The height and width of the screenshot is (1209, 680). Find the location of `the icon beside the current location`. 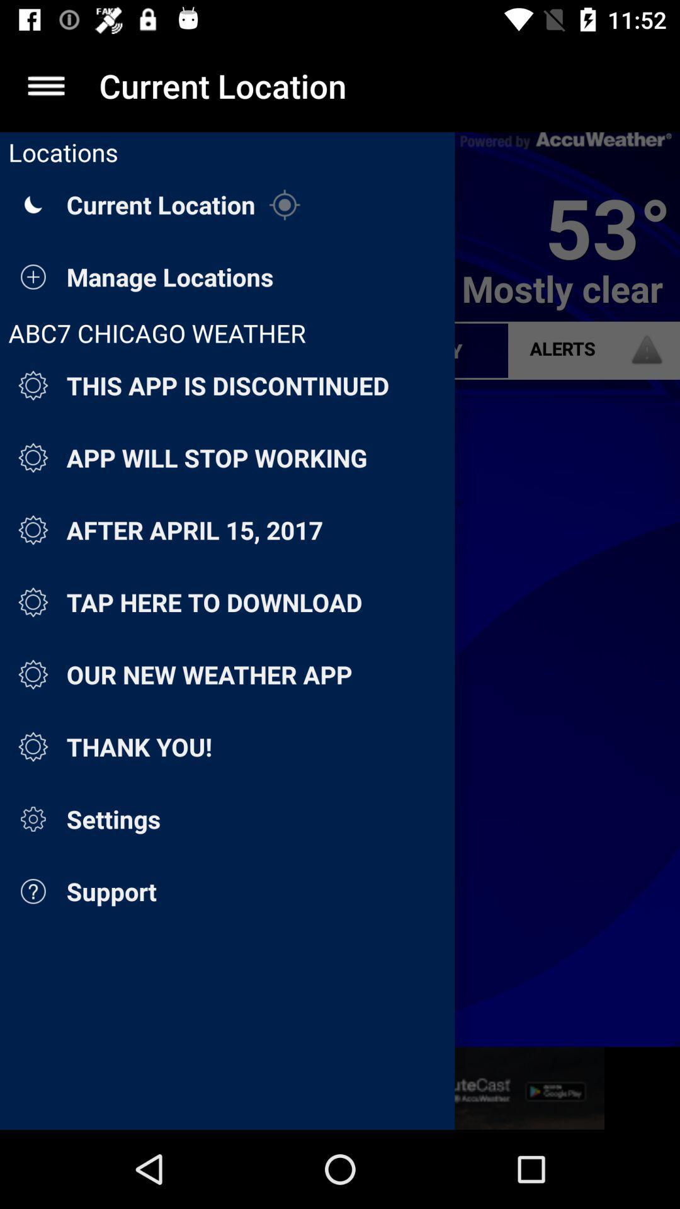

the icon beside the current location is located at coordinates (284, 205).